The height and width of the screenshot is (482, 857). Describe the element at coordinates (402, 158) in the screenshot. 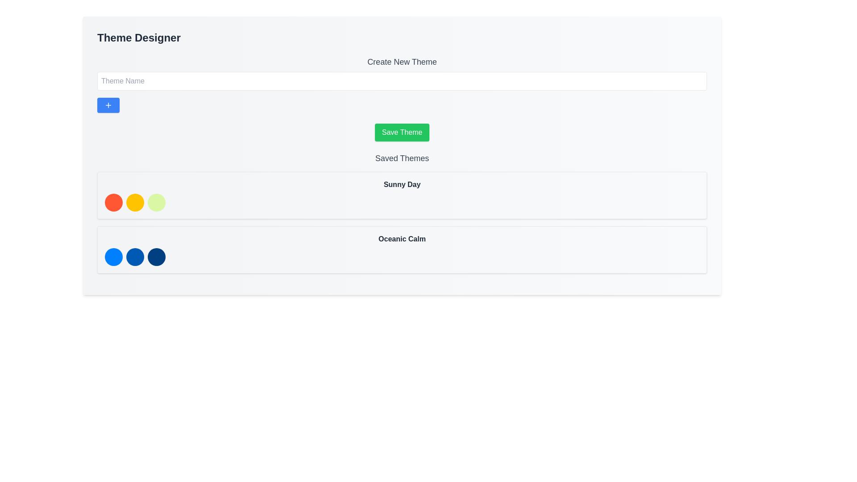

I see `the 'Saved Themes' text label which is styled in a larger font size with a medium weight and light gray color, positioned as a header above themed blocks and below a 'Save Theme' button` at that location.